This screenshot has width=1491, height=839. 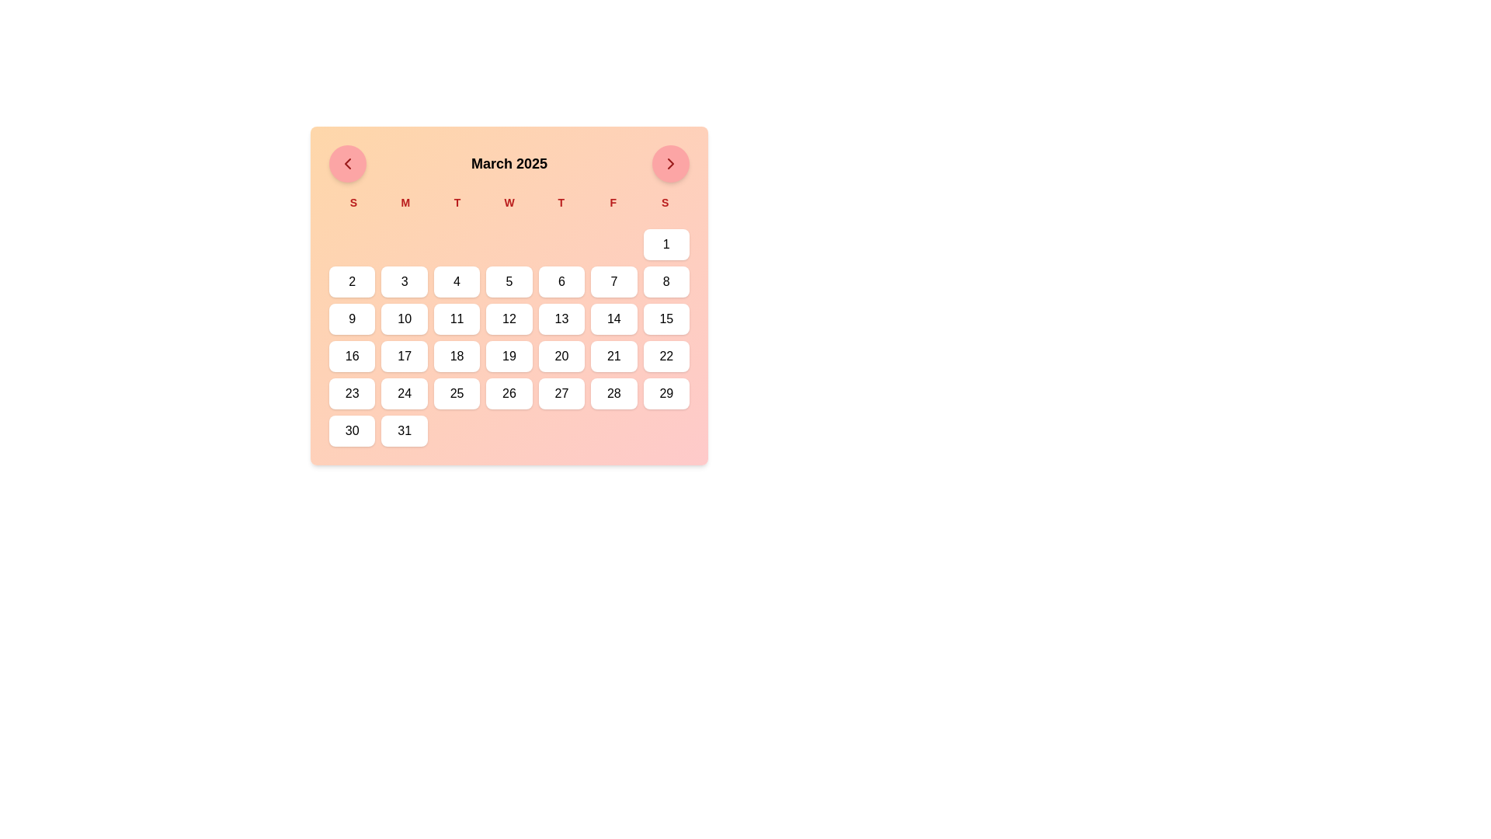 I want to click on the button representing the first day of the displayed month in the calendar, located at the rightmost end of the top row of interactive date buttons, to trigger a hover effect, so click(x=666, y=245).